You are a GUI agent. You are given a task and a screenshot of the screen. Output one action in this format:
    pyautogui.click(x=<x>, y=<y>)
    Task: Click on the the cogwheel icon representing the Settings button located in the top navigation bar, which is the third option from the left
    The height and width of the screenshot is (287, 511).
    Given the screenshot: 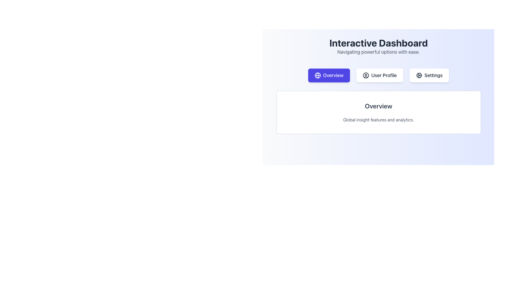 What is the action you would take?
    pyautogui.click(x=419, y=75)
    